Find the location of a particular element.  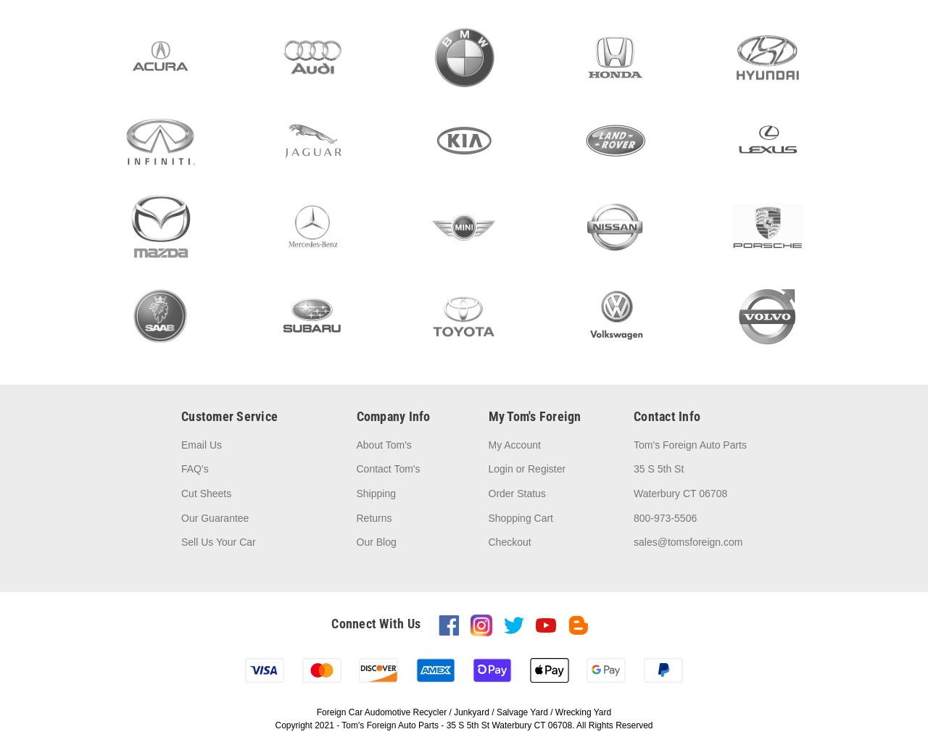

'Shipping' is located at coordinates (376, 494).